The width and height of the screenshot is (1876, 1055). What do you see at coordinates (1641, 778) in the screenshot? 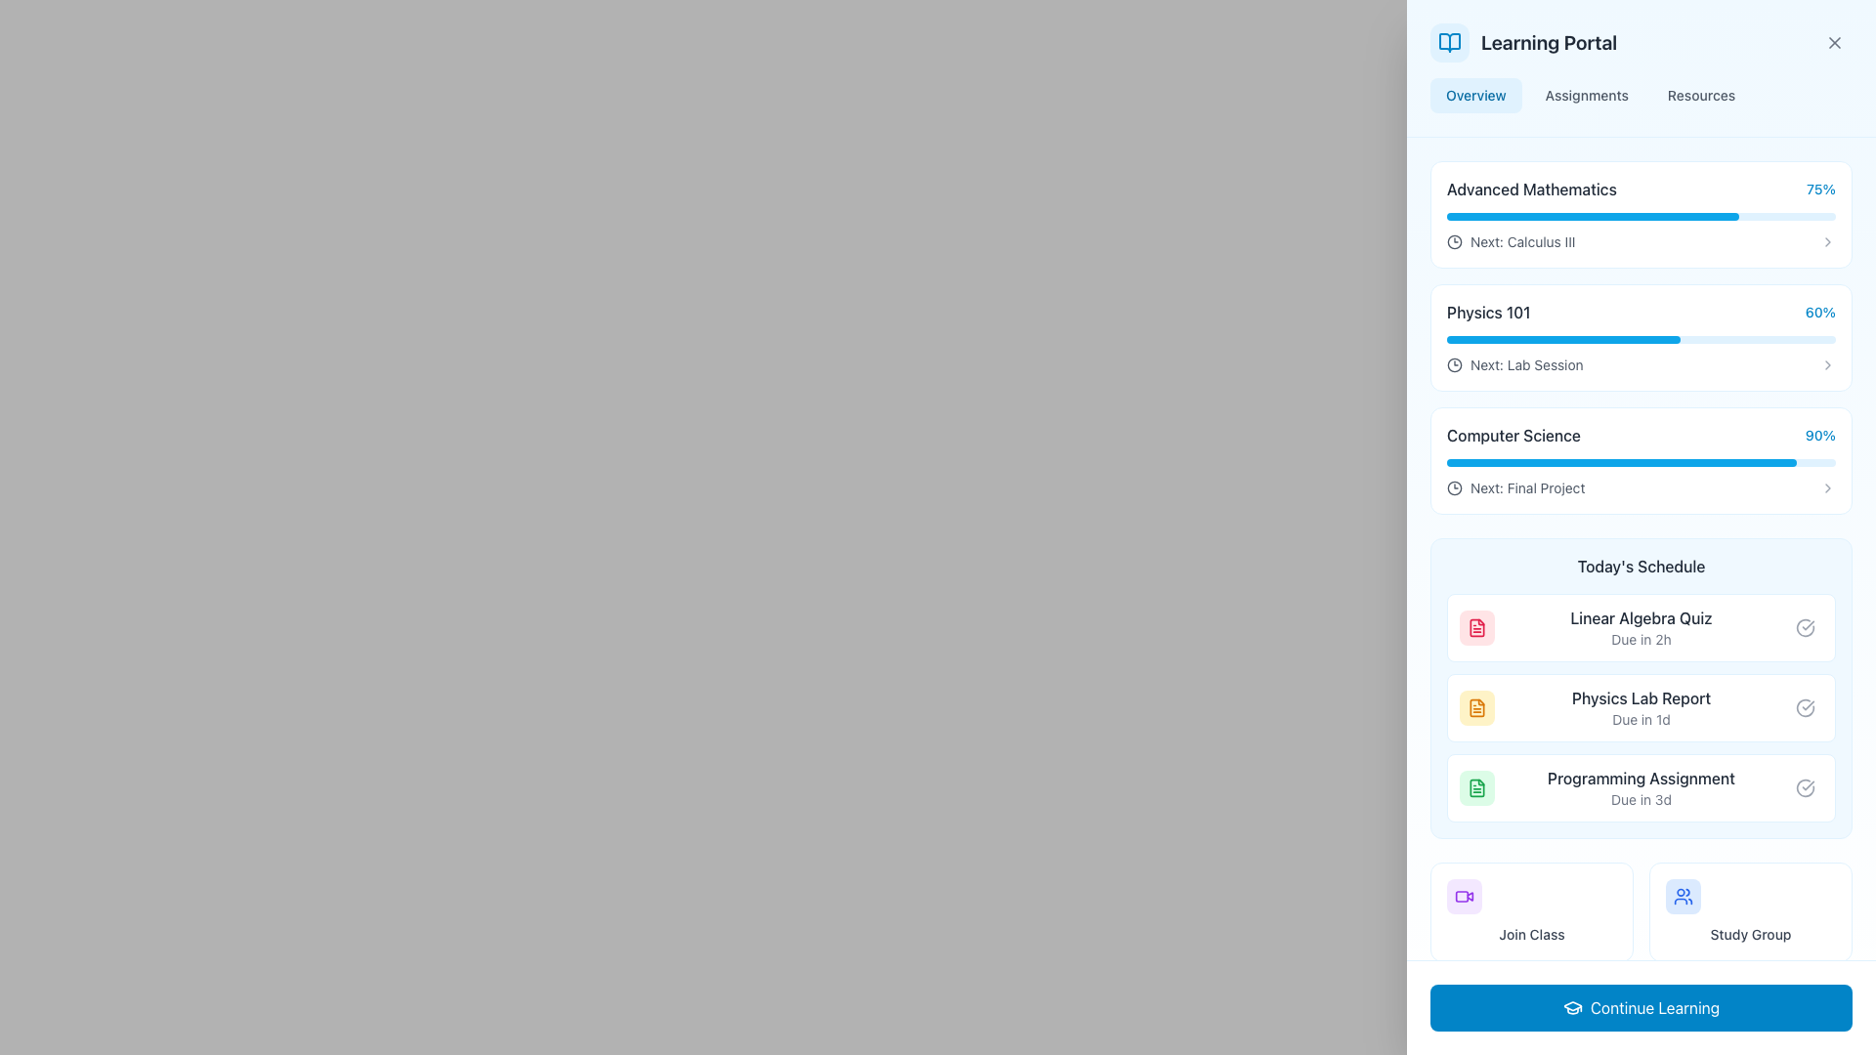
I see `the static text display showing 'Programming Assignment' located in the middle right section under 'Today's Schedule'` at bounding box center [1641, 778].